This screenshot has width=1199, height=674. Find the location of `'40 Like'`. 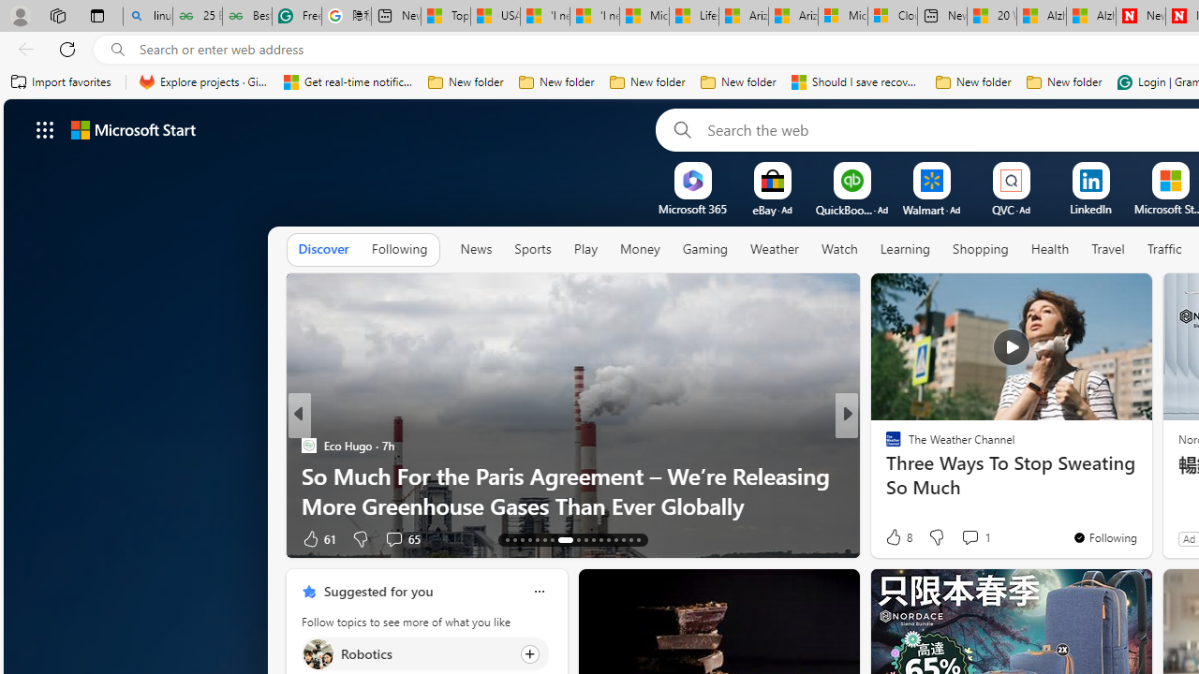

'40 Like' is located at coordinates (895, 538).